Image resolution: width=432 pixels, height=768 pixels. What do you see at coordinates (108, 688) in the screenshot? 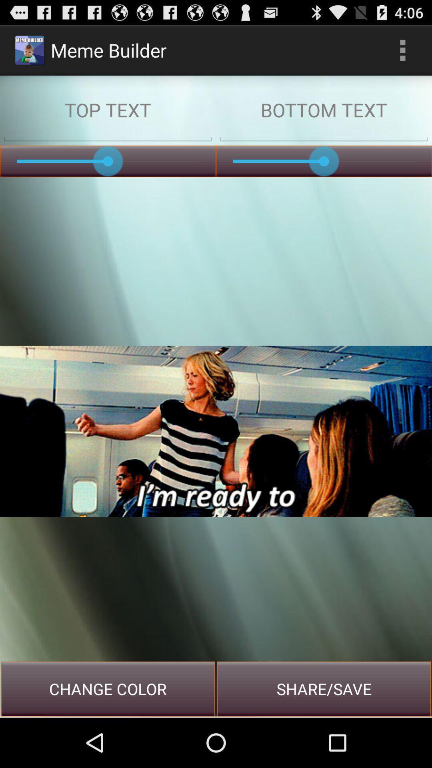
I see `button at the bottom left corner` at bounding box center [108, 688].